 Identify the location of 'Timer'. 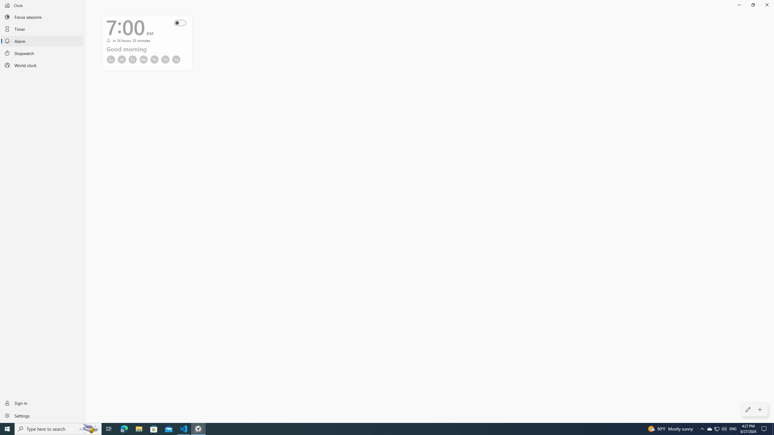
(42, 29).